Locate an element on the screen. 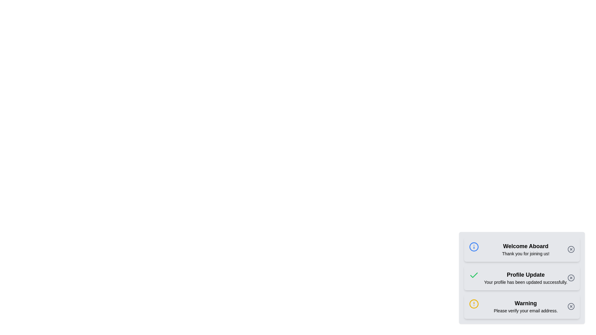 This screenshot has height=335, width=596. the circular button with an 'X' symbol inside, located in the top-right corner of the notification card that says 'Welcome Aboard' and 'Thank you for joining us!' is located at coordinates (571, 249).